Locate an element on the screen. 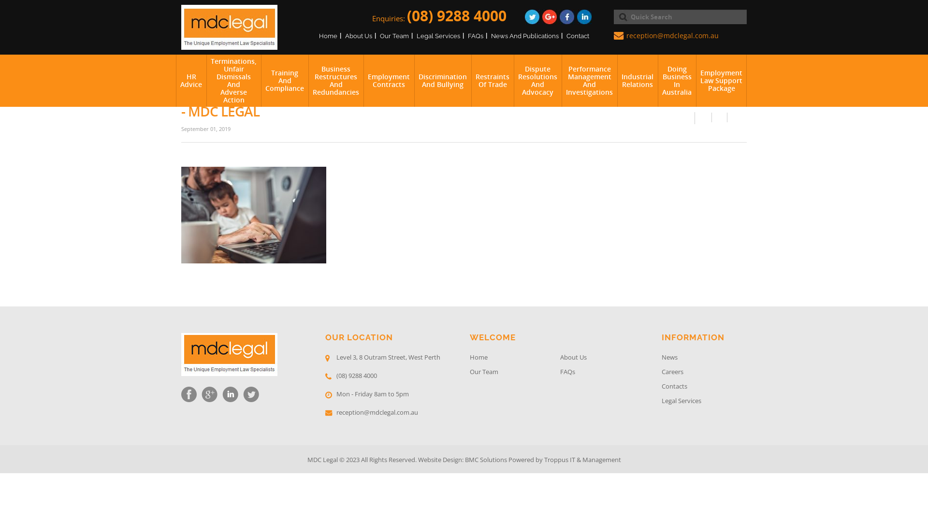  'FAQs' is located at coordinates (468, 35).